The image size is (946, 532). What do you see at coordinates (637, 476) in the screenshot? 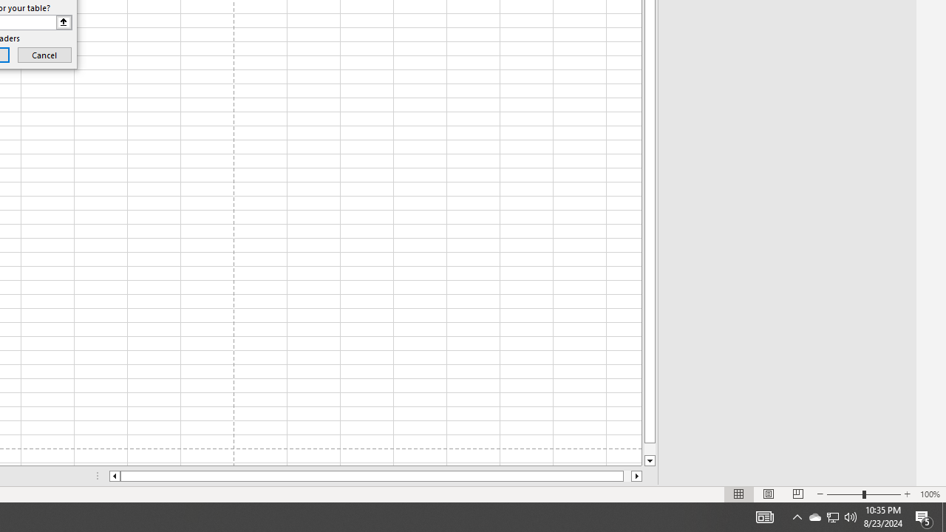
I see `'Column right'` at bounding box center [637, 476].